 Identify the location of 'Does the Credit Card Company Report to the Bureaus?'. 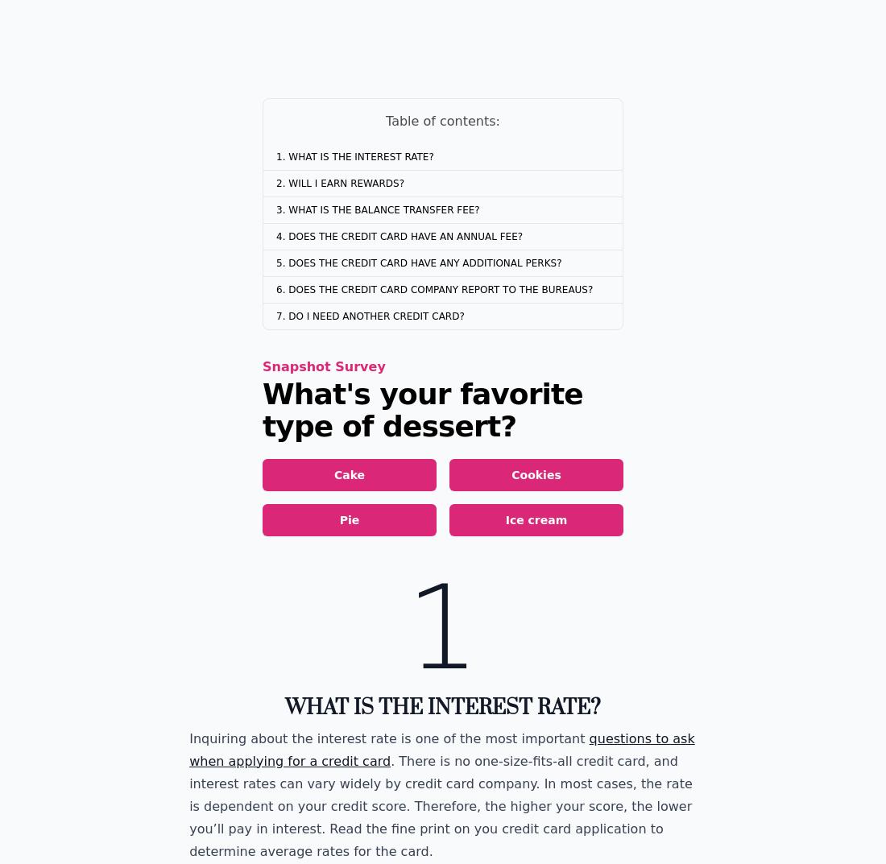
(441, 288).